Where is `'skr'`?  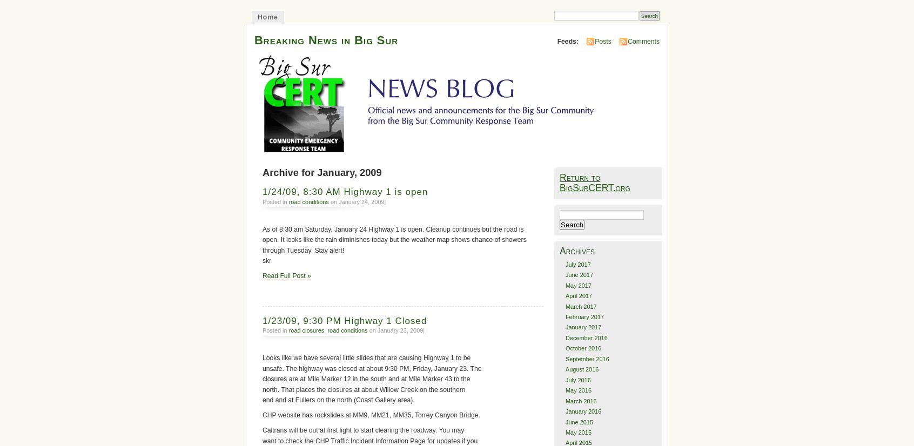 'skr' is located at coordinates (267, 260).